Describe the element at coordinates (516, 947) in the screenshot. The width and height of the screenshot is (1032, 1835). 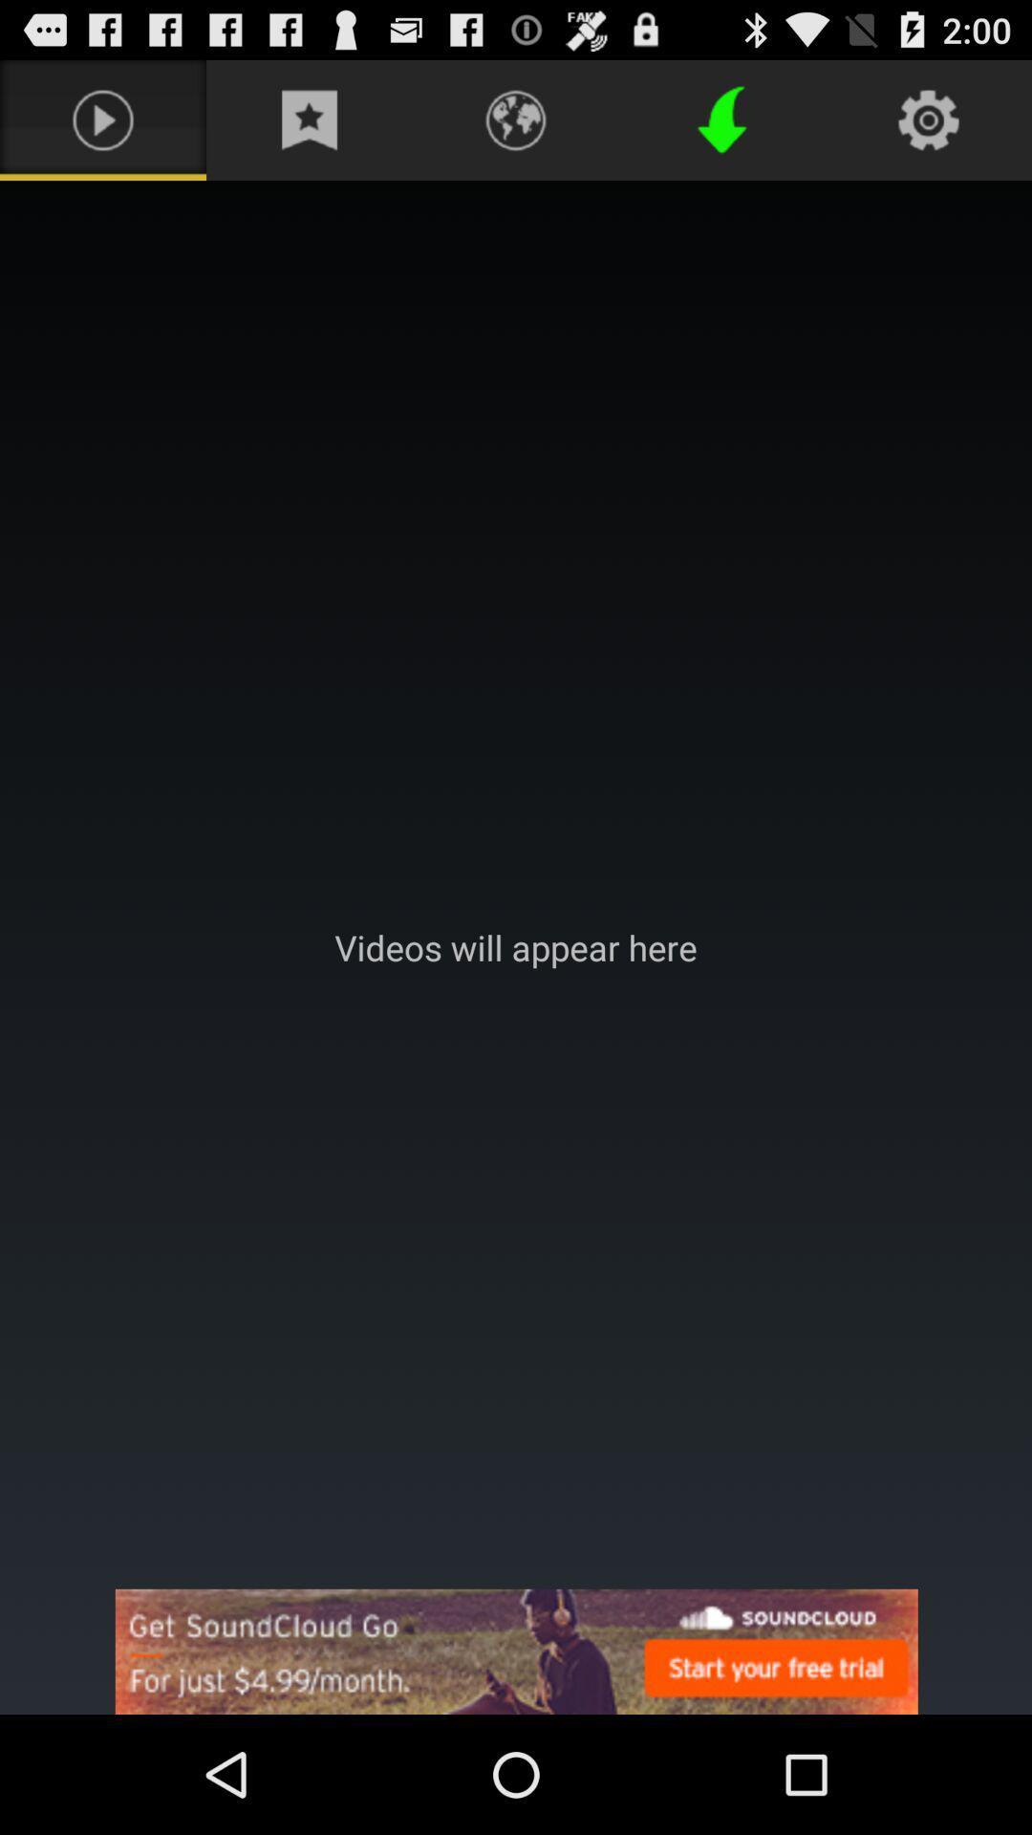
I see `vidoes will appear here` at that location.